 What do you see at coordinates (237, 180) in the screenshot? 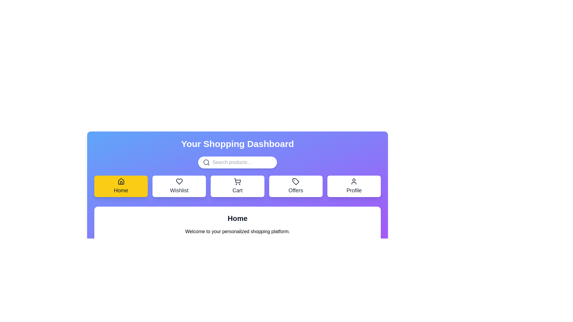
I see `the cart icon located in the navigation bar, which is the third icon from the left` at bounding box center [237, 180].